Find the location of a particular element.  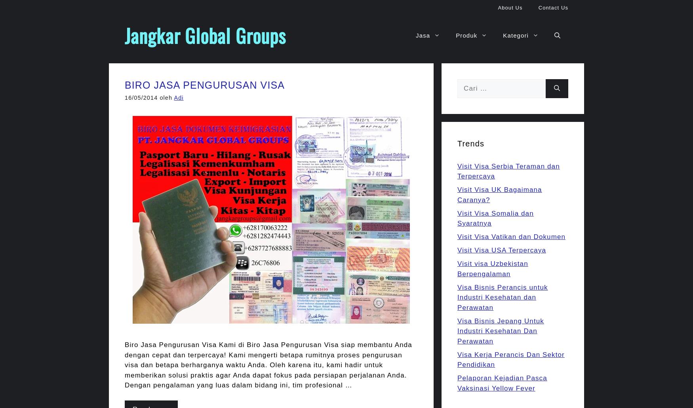

'Visit Visa Vatikan dan Dokumen' is located at coordinates (511, 236).